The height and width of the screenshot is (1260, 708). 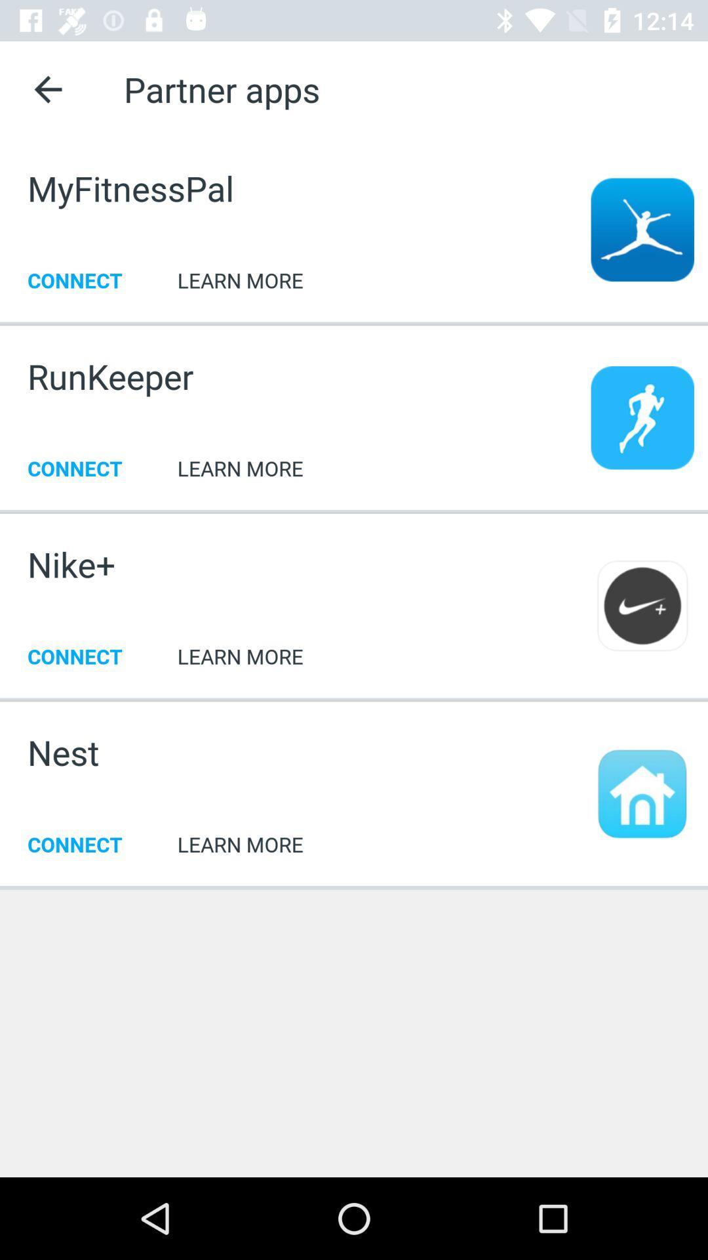 What do you see at coordinates (63, 752) in the screenshot?
I see `the icon above the connect item` at bounding box center [63, 752].